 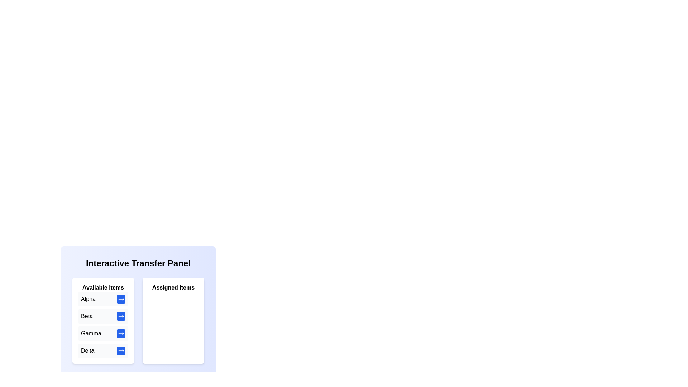 What do you see at coordinates (86, 316) in the screenshot?
I see `the text label Beta in the 'Available Items' list` at bounding box center [86, 316].